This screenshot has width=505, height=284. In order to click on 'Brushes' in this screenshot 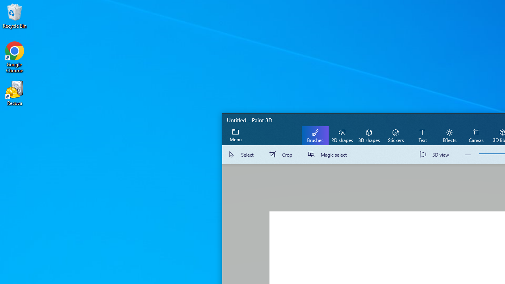, I will do `click(315, 135)`.